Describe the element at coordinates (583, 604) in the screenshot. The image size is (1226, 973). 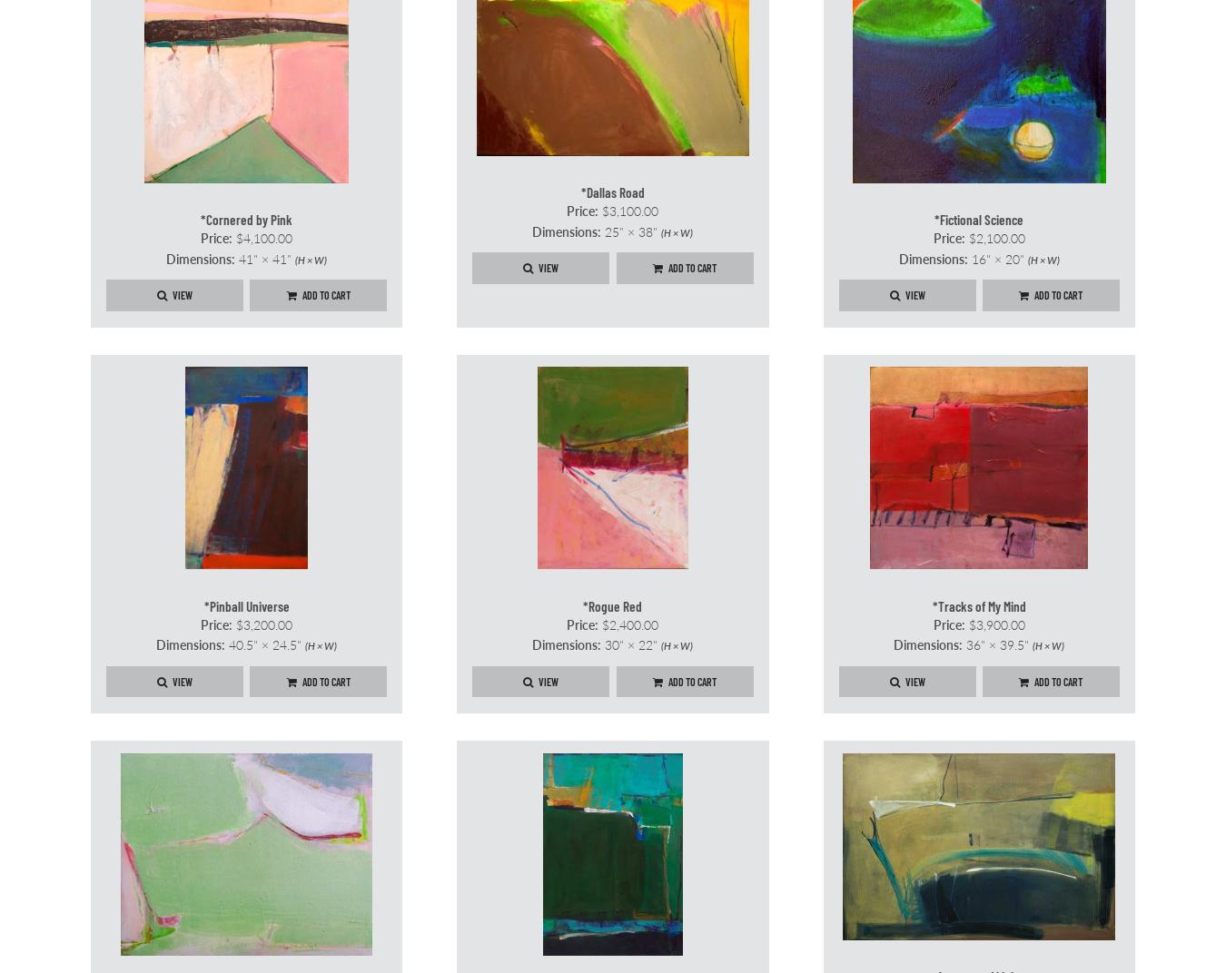
I see `'*Rogue Red'` at that location.